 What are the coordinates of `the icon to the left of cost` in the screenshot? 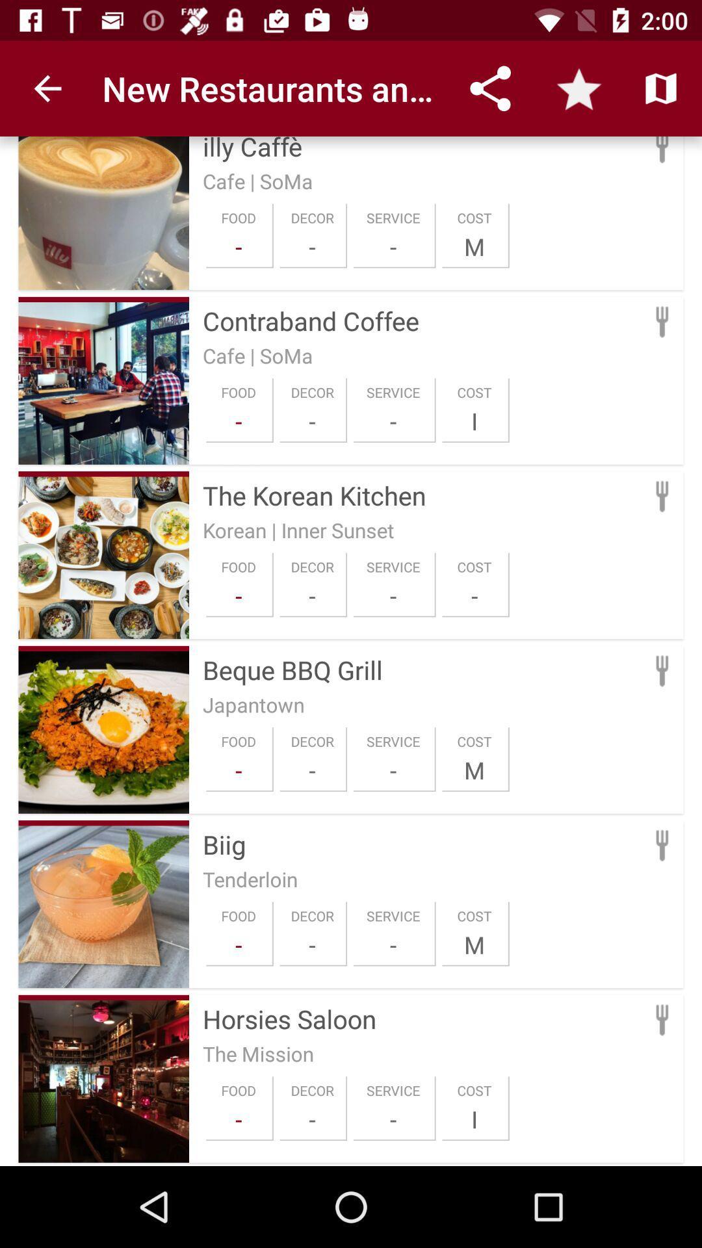 It's located at (393, 421).